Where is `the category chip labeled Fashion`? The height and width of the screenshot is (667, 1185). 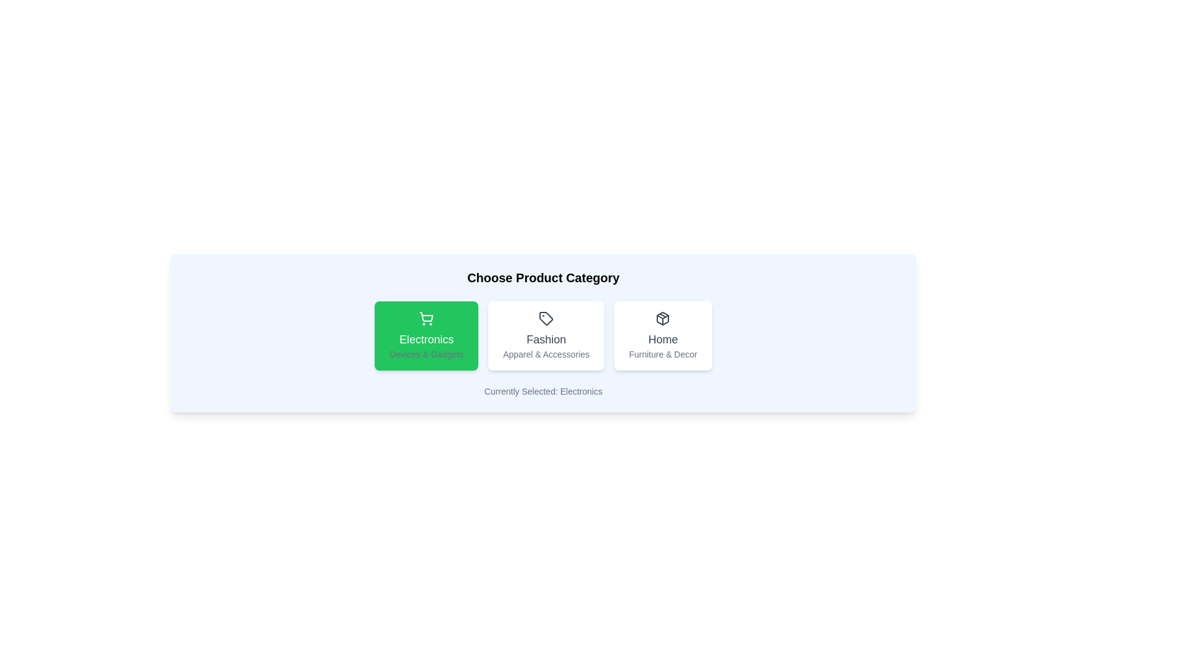 the category chip labeled Fashion is located at coordinates (545, 335).